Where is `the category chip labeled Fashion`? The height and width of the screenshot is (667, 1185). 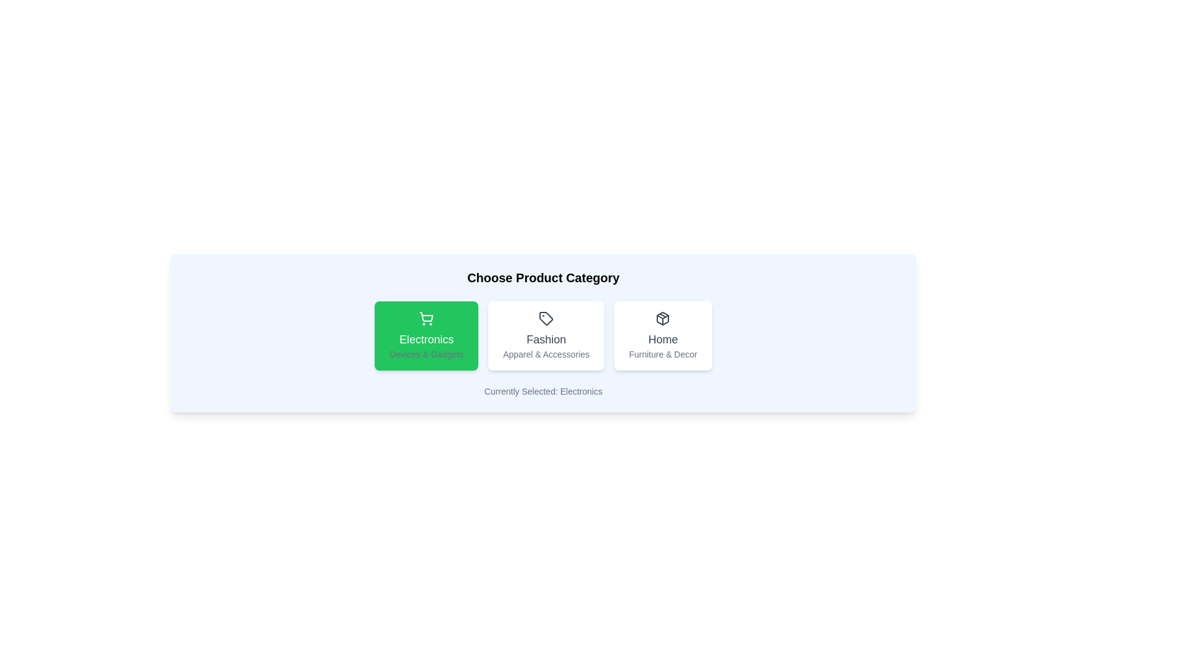 the category chip labeled Fashion is located at coordinates (545, 335).